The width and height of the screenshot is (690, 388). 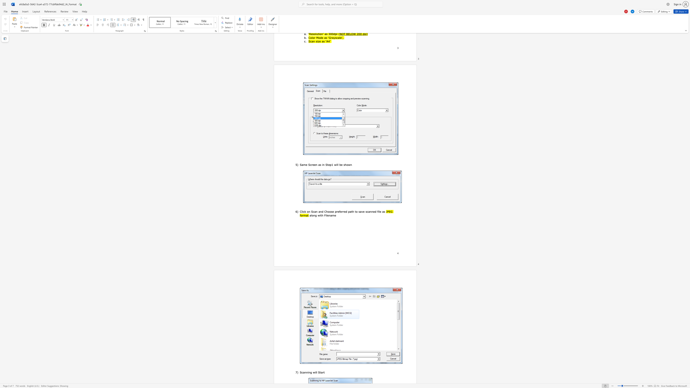 I want to click on the subset text "rmat" within the text "JPEG format", so click(x=302, y=215).